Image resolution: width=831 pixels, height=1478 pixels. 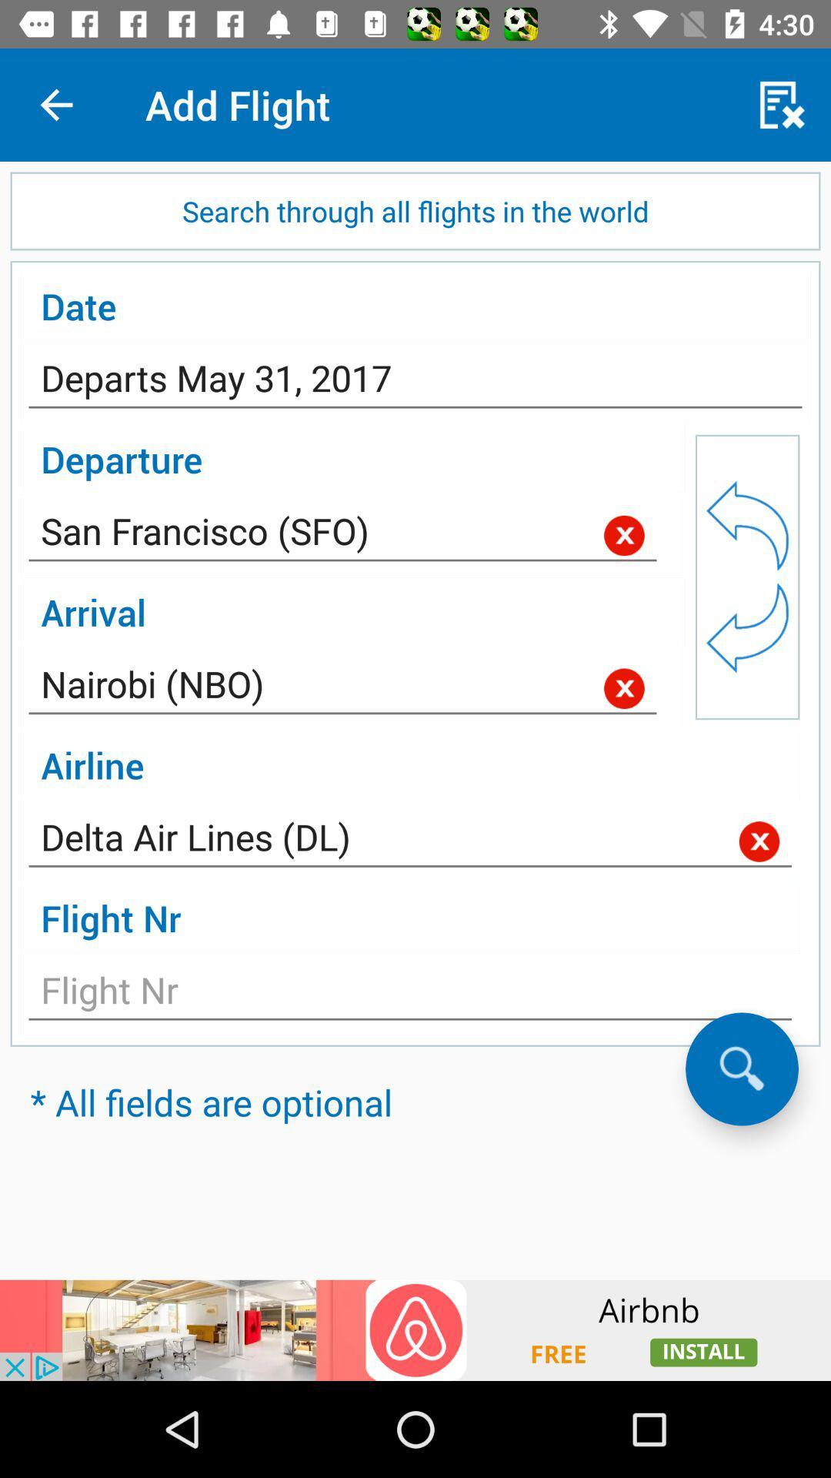 What do you see at coordinates (415, 1329) in the screenshot?
I see `advertisement` at bounding box center [415, 1329].